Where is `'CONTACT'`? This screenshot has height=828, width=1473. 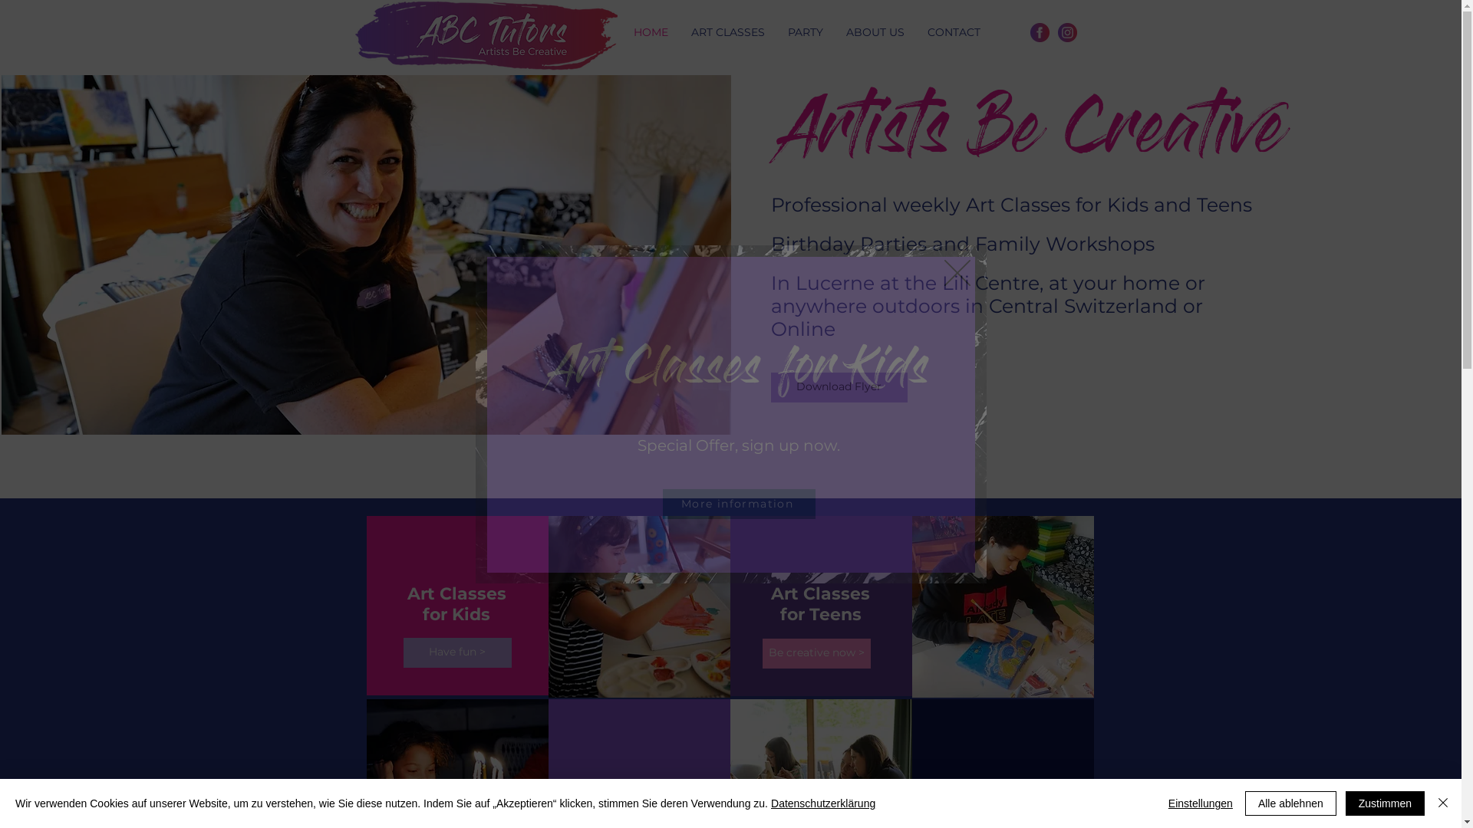 'CONTACT' is located at coordinates (916, 32).